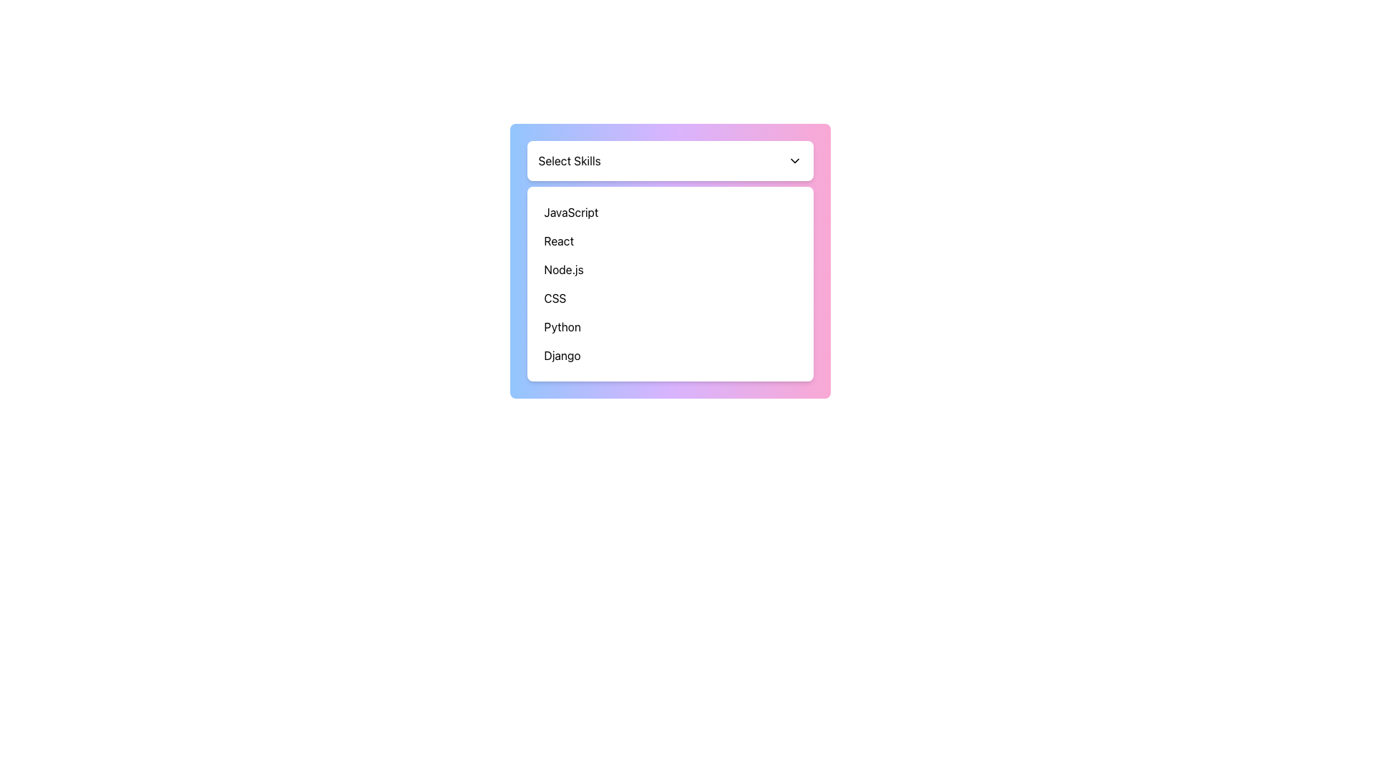  What do you see at coordinates (558, 240) in the screenshot?
I see `the 'React' option in the dropdown menu` at bounding box center [558, 240].